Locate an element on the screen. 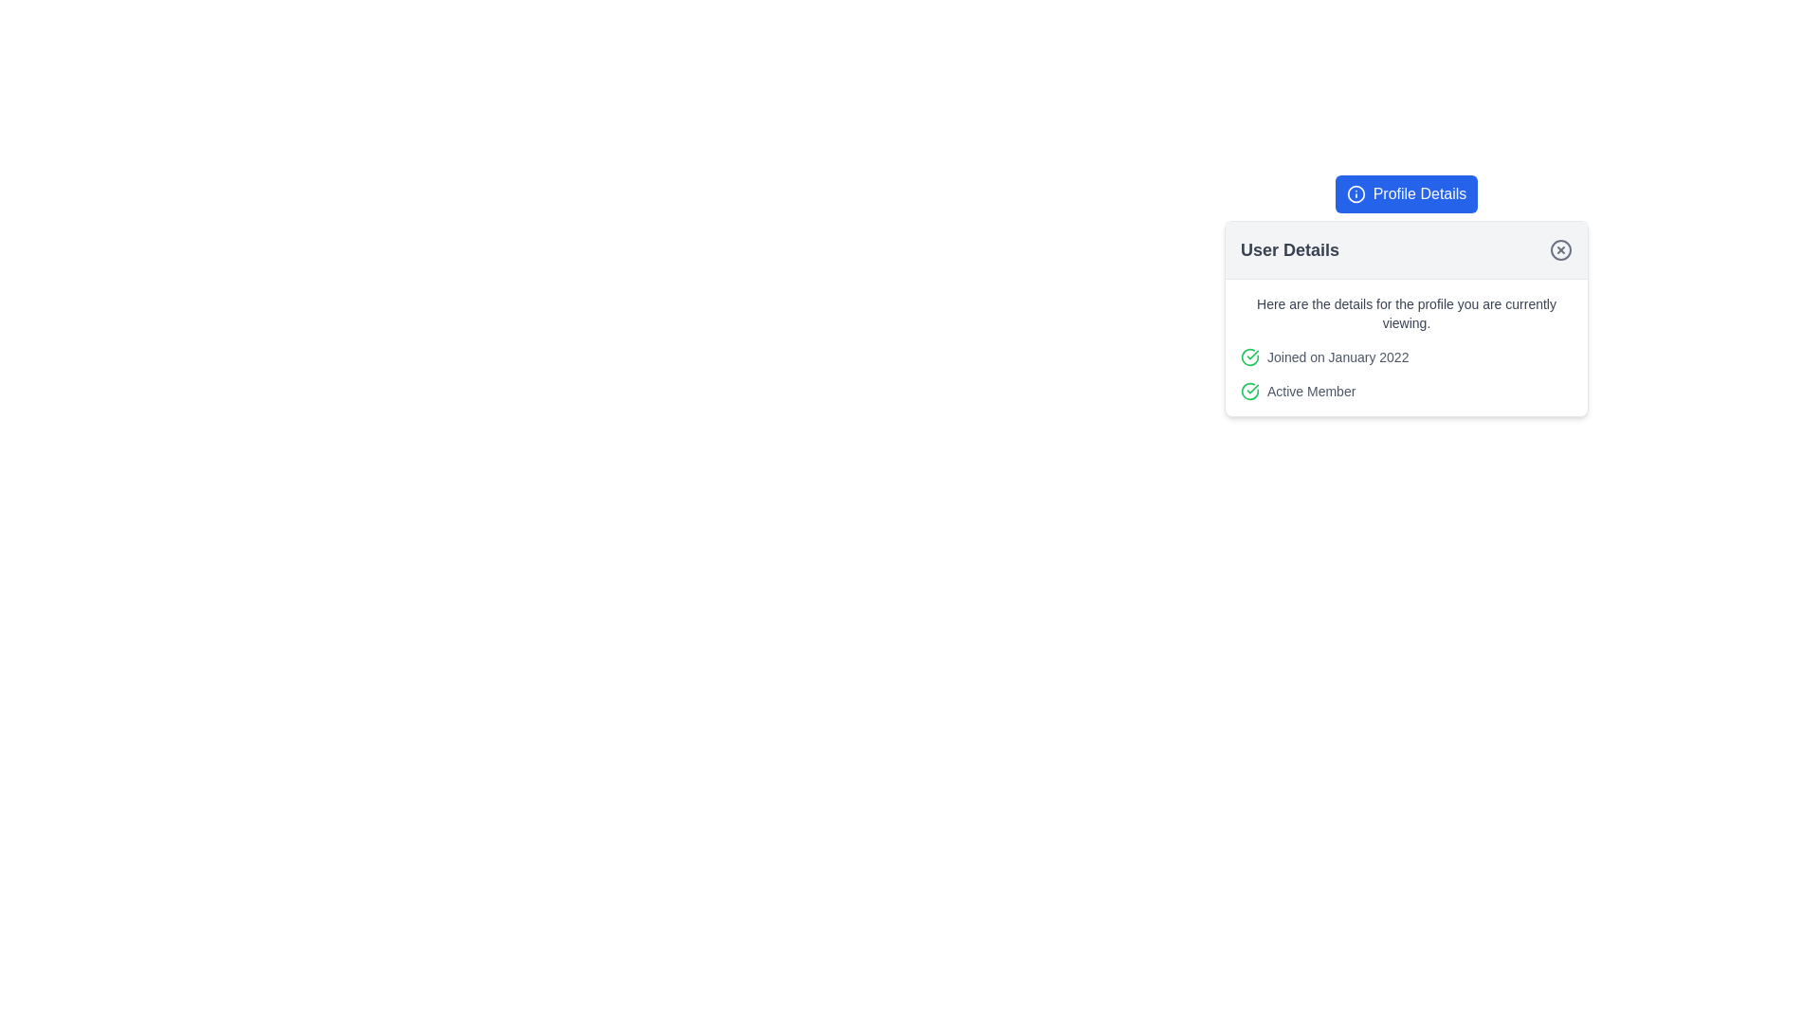 This screenshot has height=1024, width=1820. the account-related information element that indicates the date when the user joined, located in the 'User Details' card layout, situated below the introductory description and above the 'Active Member' element is located at coordinates (1406, 357).